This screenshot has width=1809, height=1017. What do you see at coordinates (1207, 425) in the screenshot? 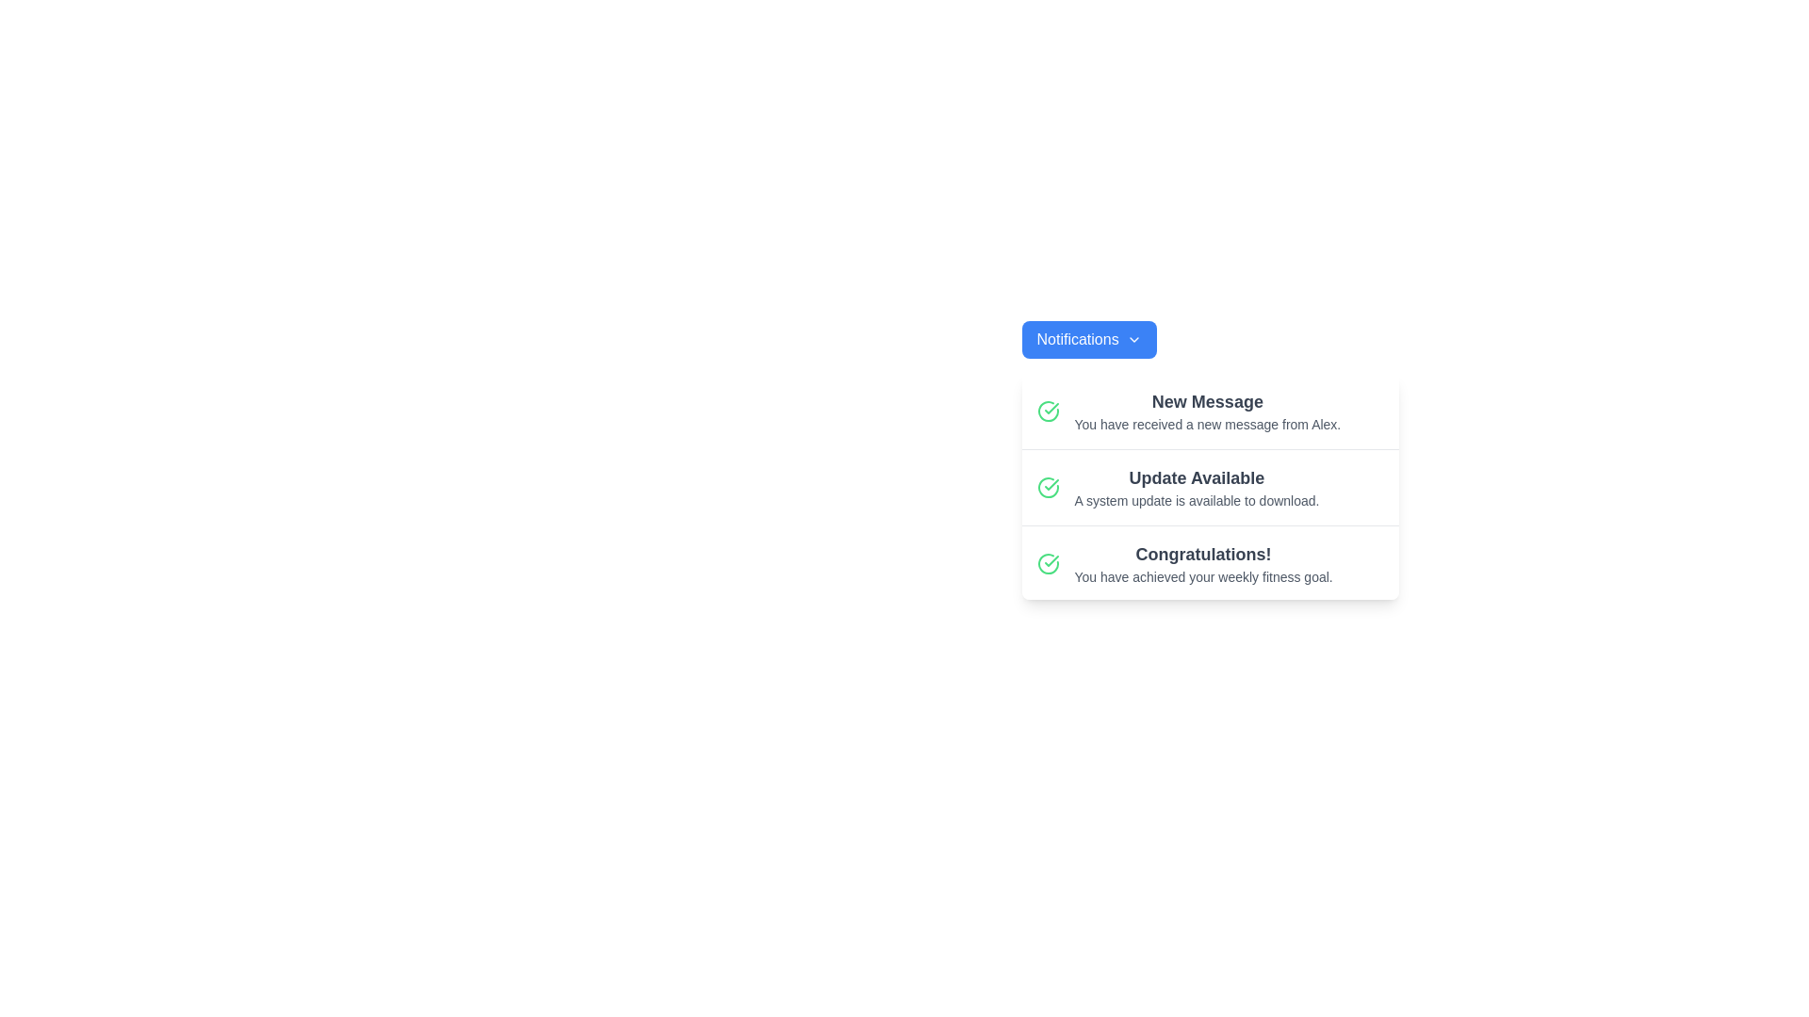
I see `text message that says 'You have received a new message from Alex.' which is styled in gray color and located underneath the title 'New Message' in a notification card` at bounding box center [1207, 425].